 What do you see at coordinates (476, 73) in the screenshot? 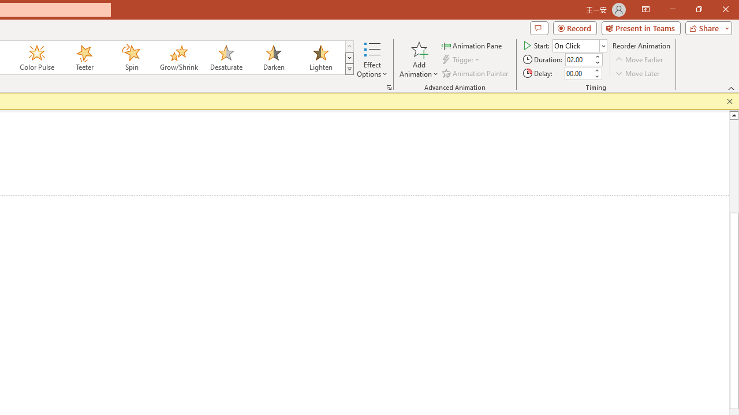
I see `'Animation Painter'` at bounding box center [476, 73].